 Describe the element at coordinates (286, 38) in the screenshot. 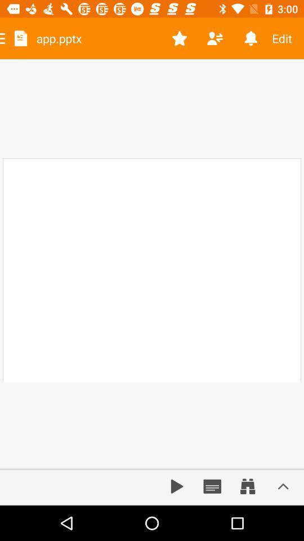

I see `edit item` at that location.